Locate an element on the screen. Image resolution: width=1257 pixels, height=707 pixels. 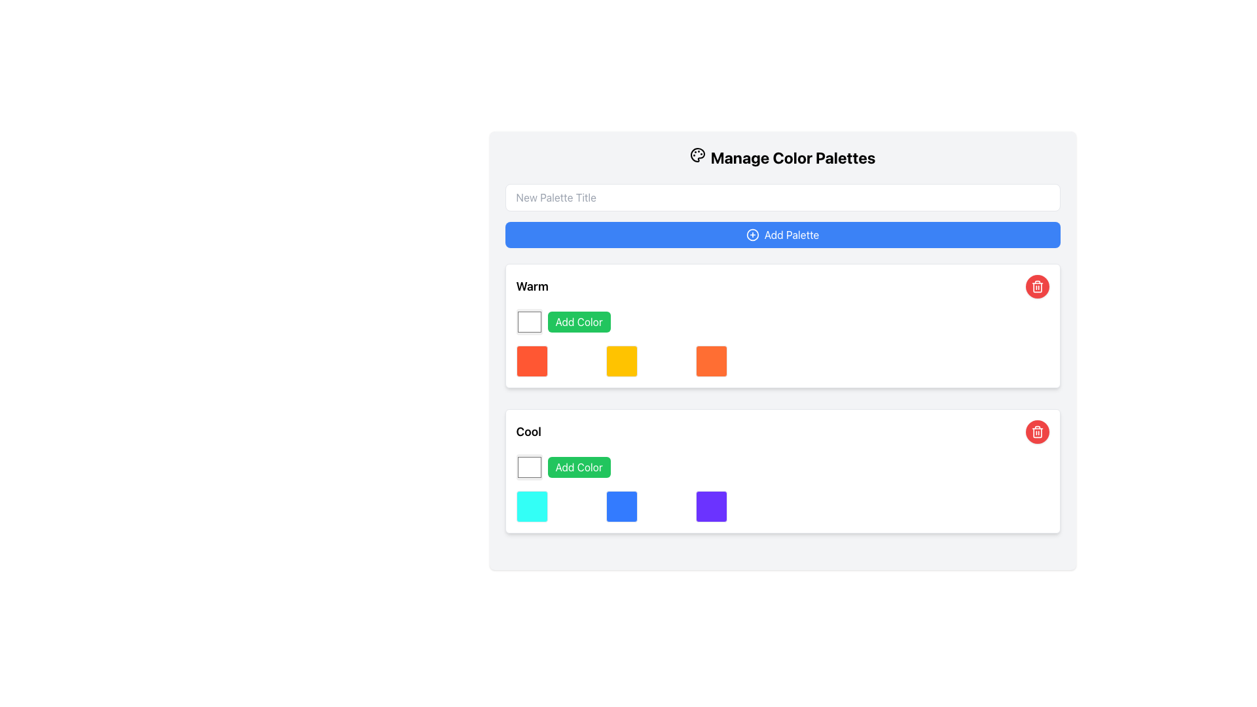
the button located in the 'Cool' color palette section is located at coordinates (578, 466).